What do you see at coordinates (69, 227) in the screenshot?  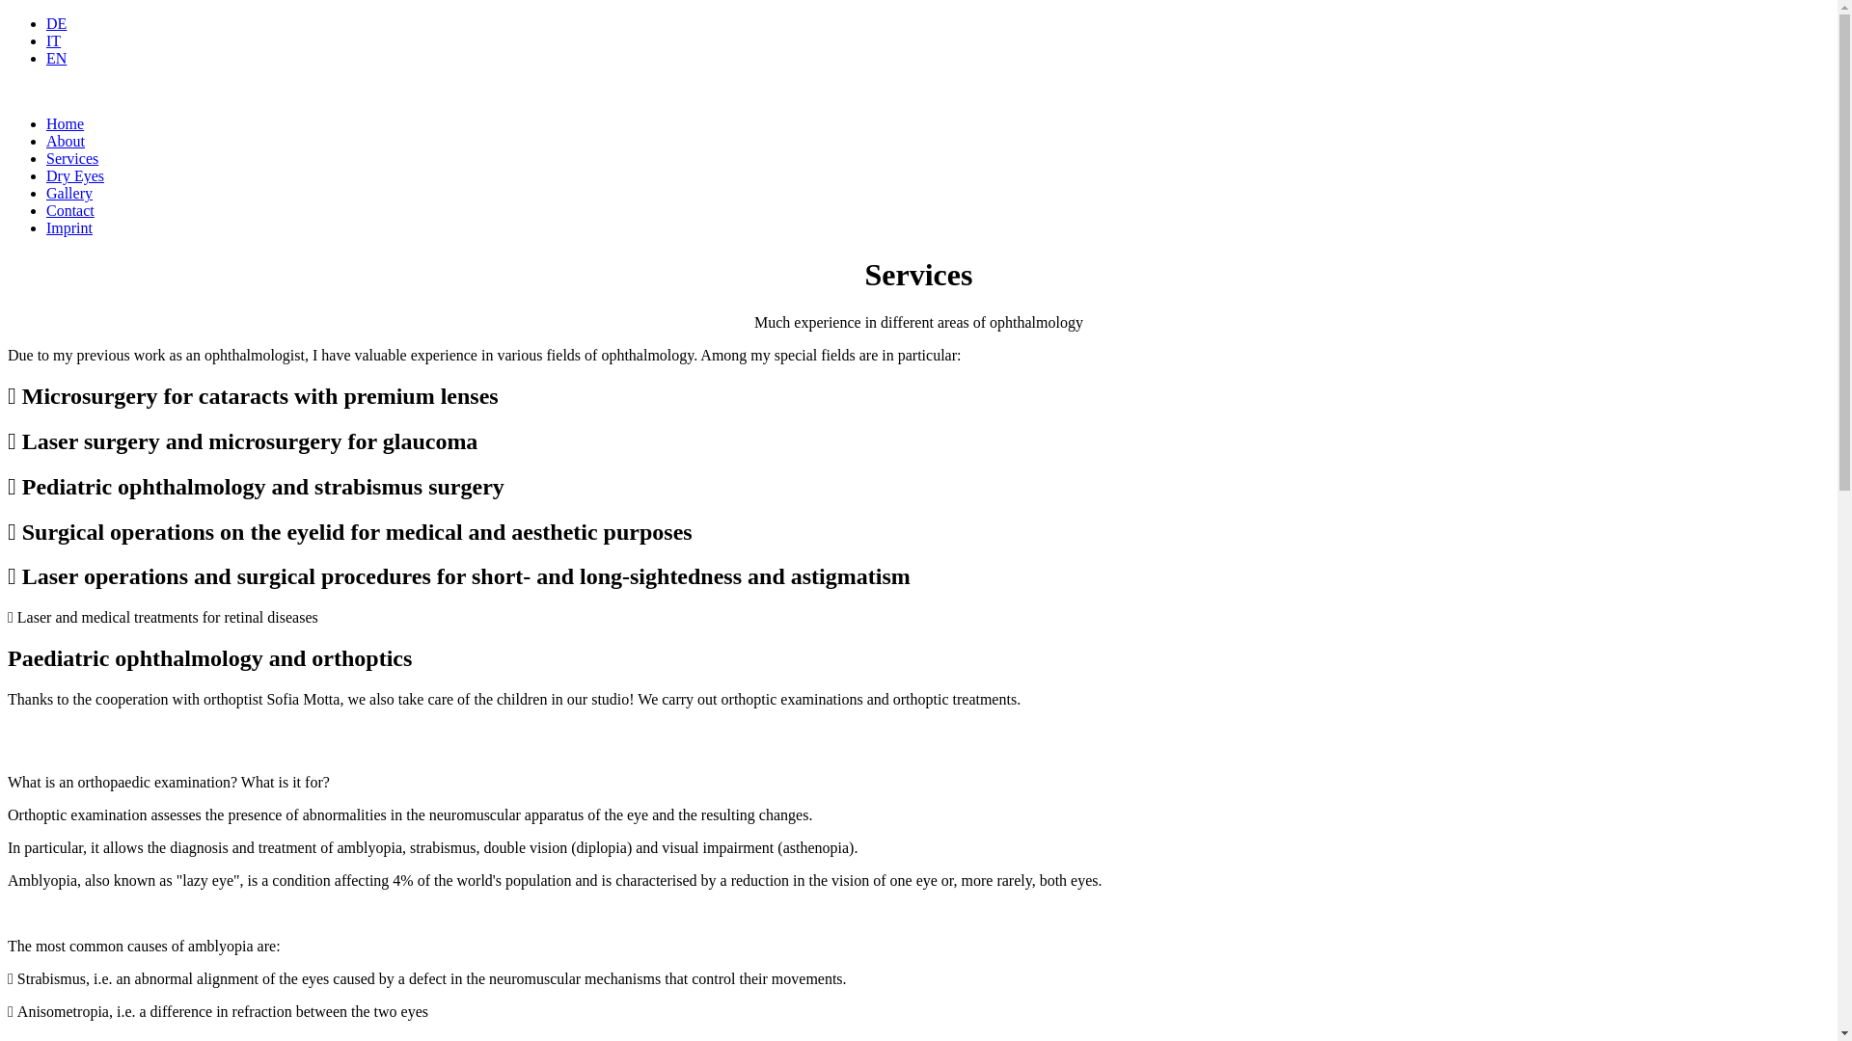 I see `'Imprint'` at bounding box center [69, 227].